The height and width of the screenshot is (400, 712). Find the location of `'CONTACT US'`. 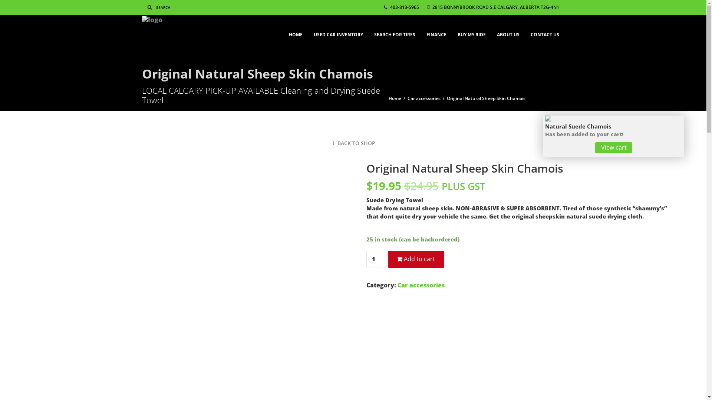

'CONTACT US' is located at coordinates (545, 31).